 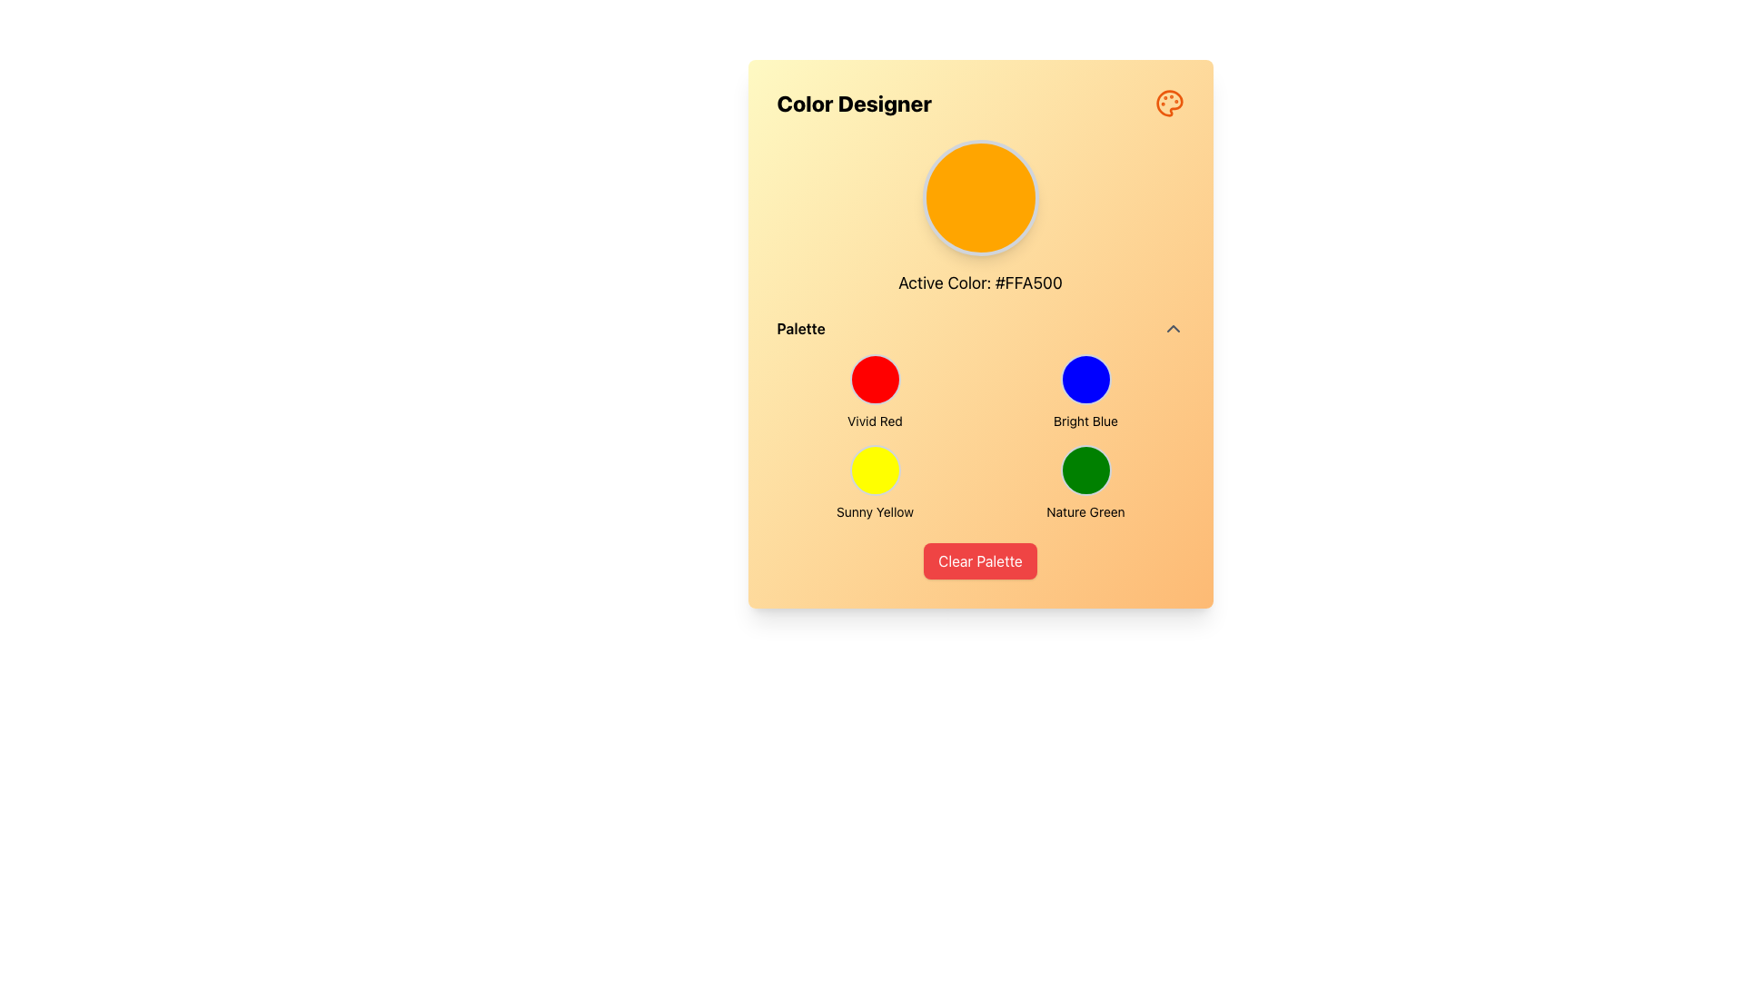 What do you see at coordinates (1169, 104) in the screenshot?
I see `the icon in the top-right corner of the 'Color Designer' card` at bounding box center [1169, 104].